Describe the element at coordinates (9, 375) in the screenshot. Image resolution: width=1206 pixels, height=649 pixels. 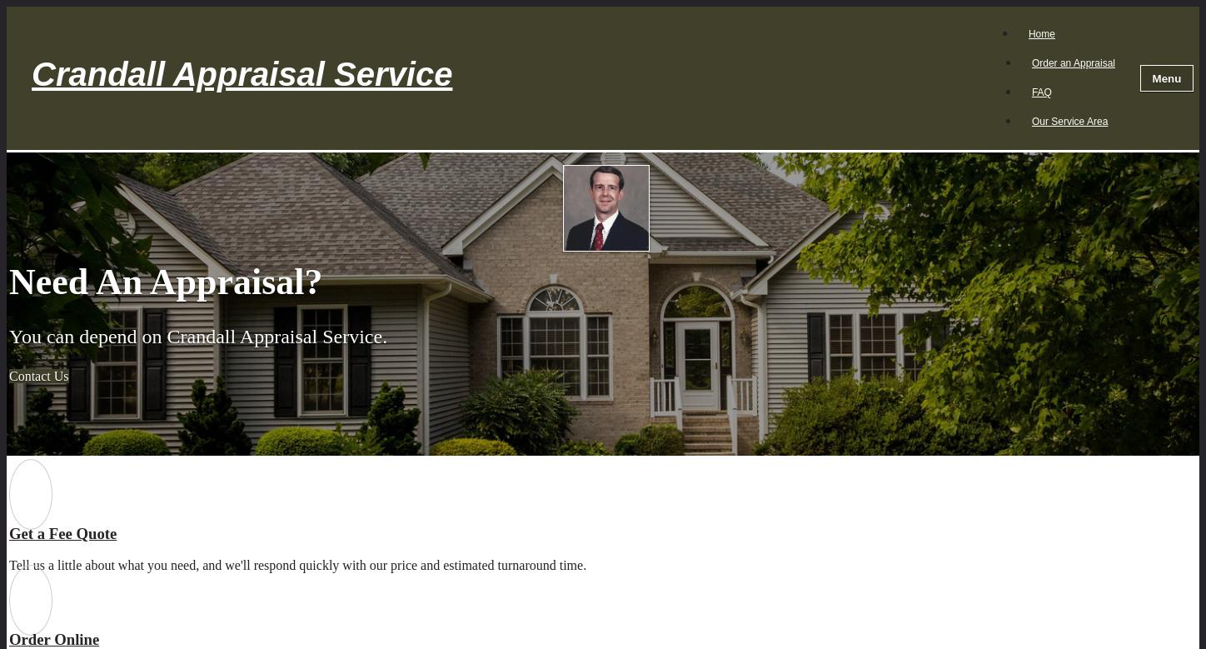
I see `'Contact Us'` at that location.